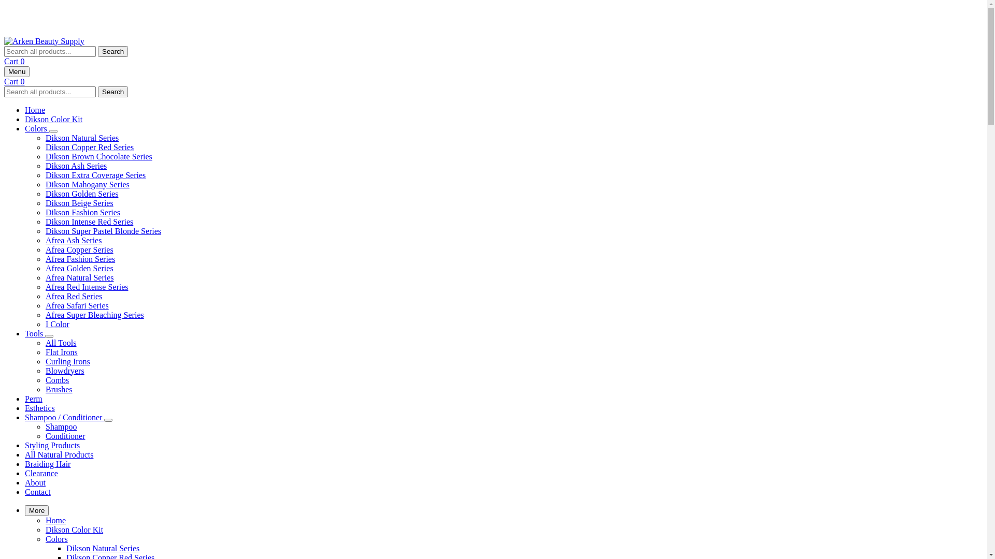 The image size is (995, 559). What do you see at coordinates (34, 398) in the screenshot?
I see `'Perm'` at bounding box center [34, 398].